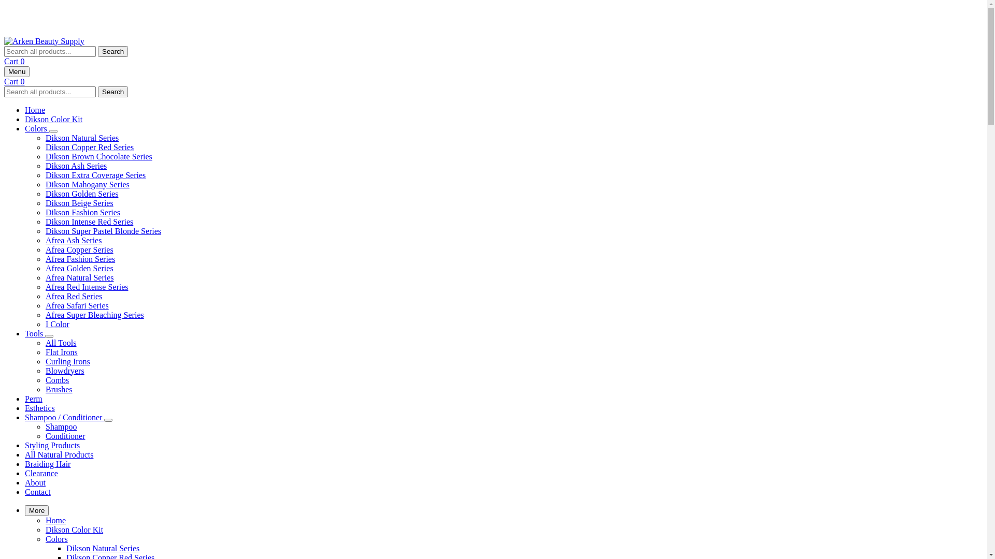 The image size is (995, 559). What do you see at coordinates (34, 398) in the screenshot?
I see `'Perm'` at bounding box center [34, 398].